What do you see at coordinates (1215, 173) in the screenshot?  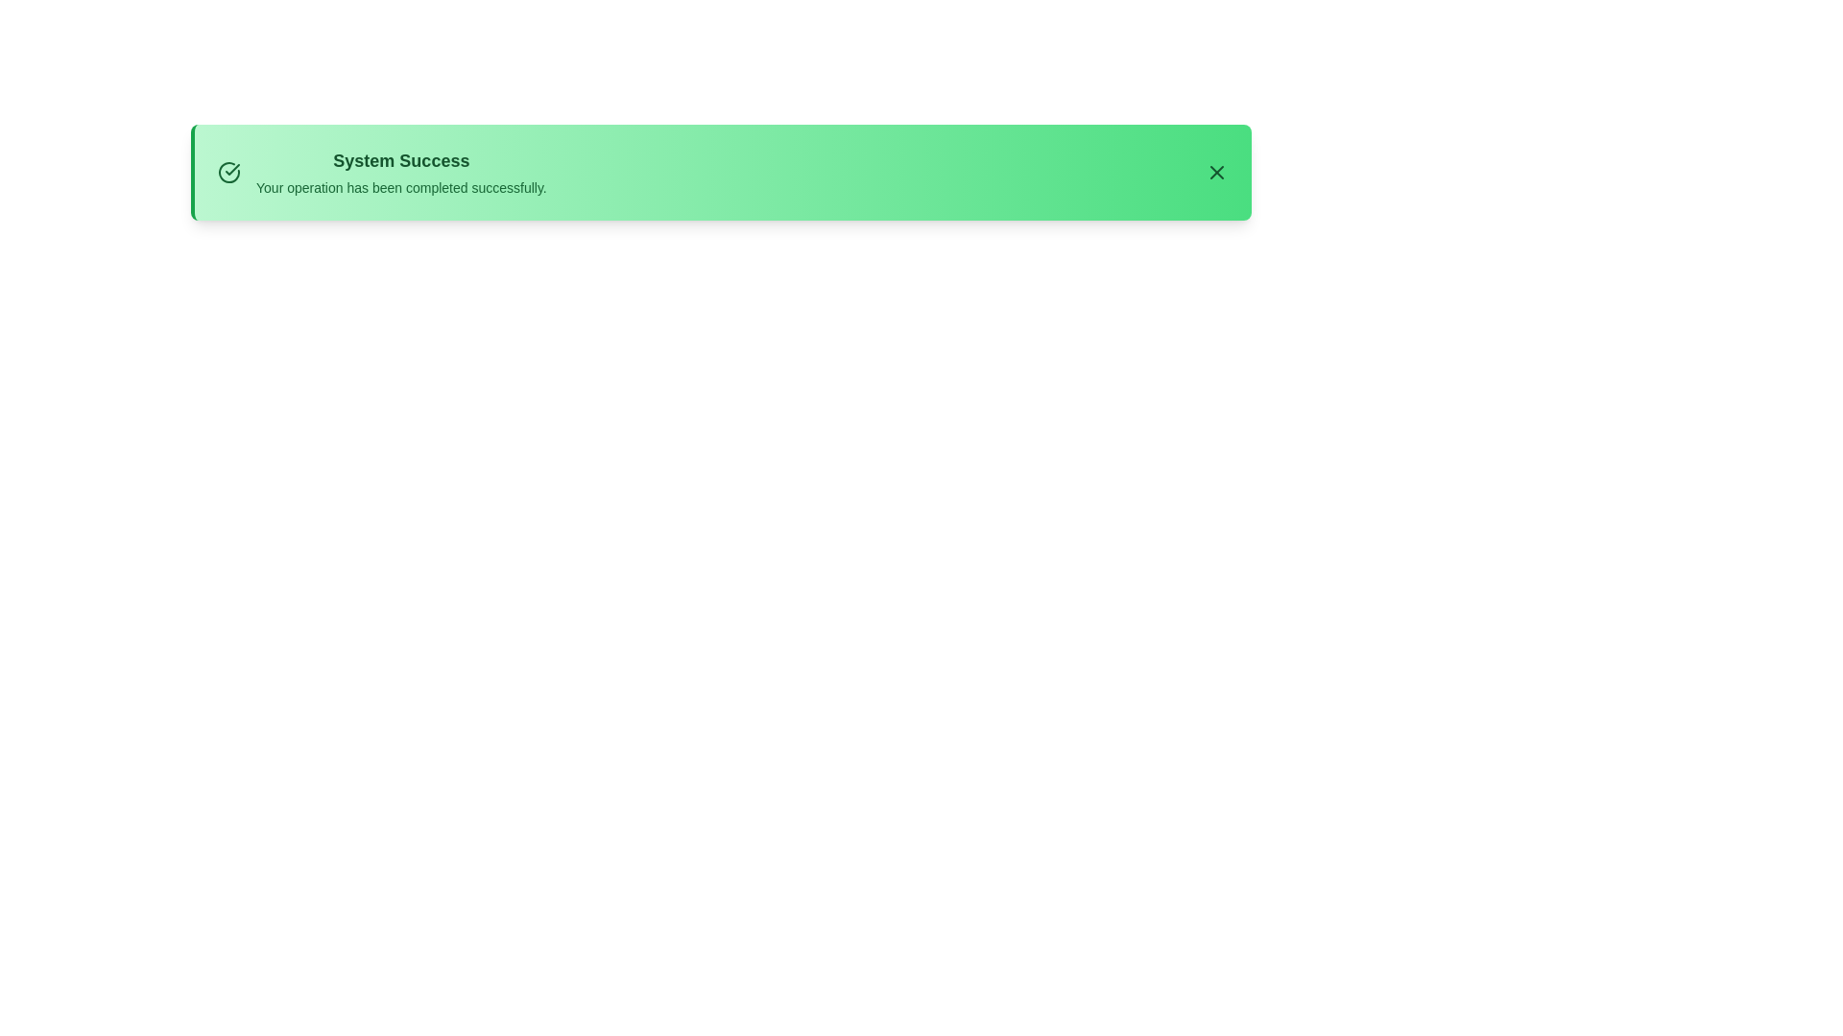 I see `the close button to dismiss the notification` at bounding box center [1215, 173].